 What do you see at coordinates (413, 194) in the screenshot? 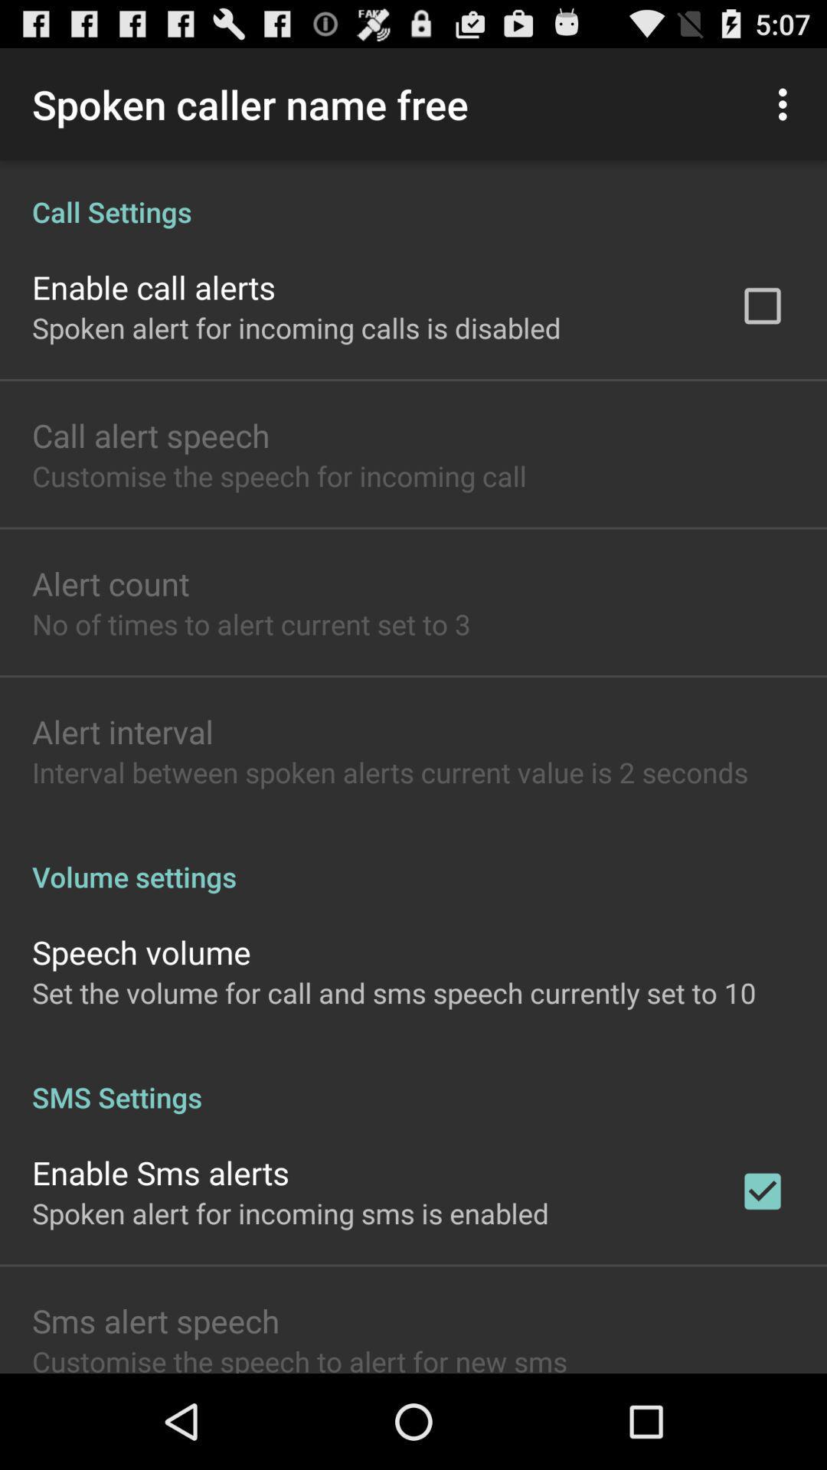
I see `call settings app` at bounding box center [413, 194].